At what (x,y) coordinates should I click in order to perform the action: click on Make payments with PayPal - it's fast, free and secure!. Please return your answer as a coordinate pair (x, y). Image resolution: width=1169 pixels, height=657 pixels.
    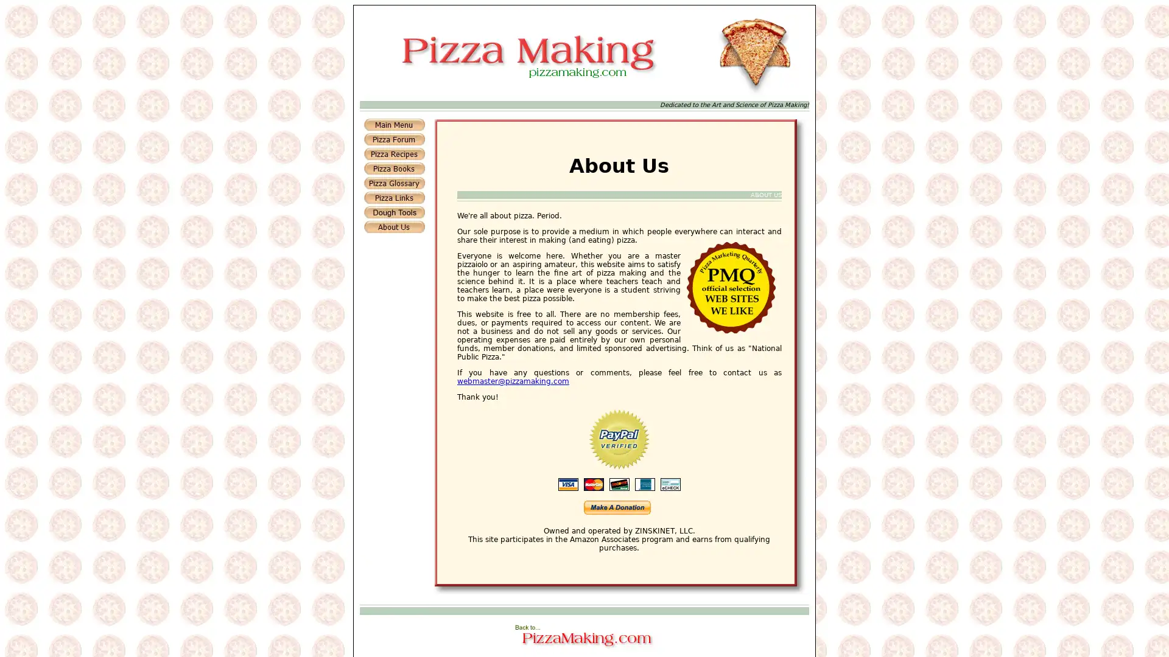
    Looking at the image, I should click on (617, 507).